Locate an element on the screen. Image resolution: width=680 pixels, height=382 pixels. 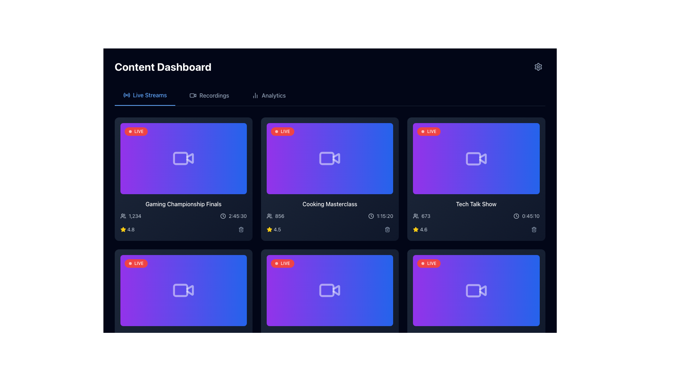
the speaker or microphone icon within the video icon located in the top-left card of the content grid under the 'Live Streams' section is located at coordinates (190, 158).